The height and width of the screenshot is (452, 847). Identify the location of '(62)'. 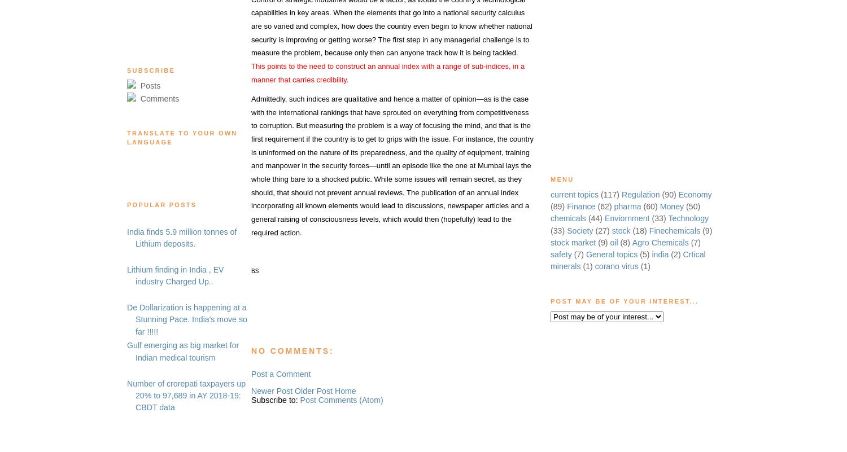
(604, 206).